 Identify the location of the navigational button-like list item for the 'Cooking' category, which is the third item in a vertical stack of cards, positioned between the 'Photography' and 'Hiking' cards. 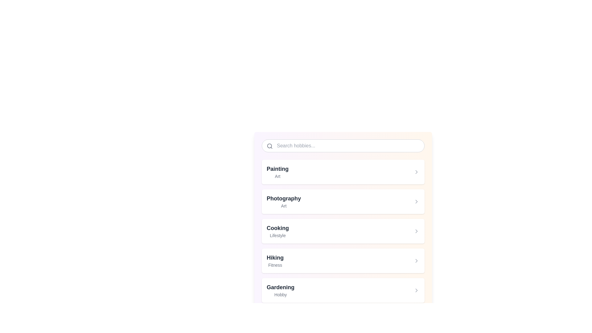
(343, 231).